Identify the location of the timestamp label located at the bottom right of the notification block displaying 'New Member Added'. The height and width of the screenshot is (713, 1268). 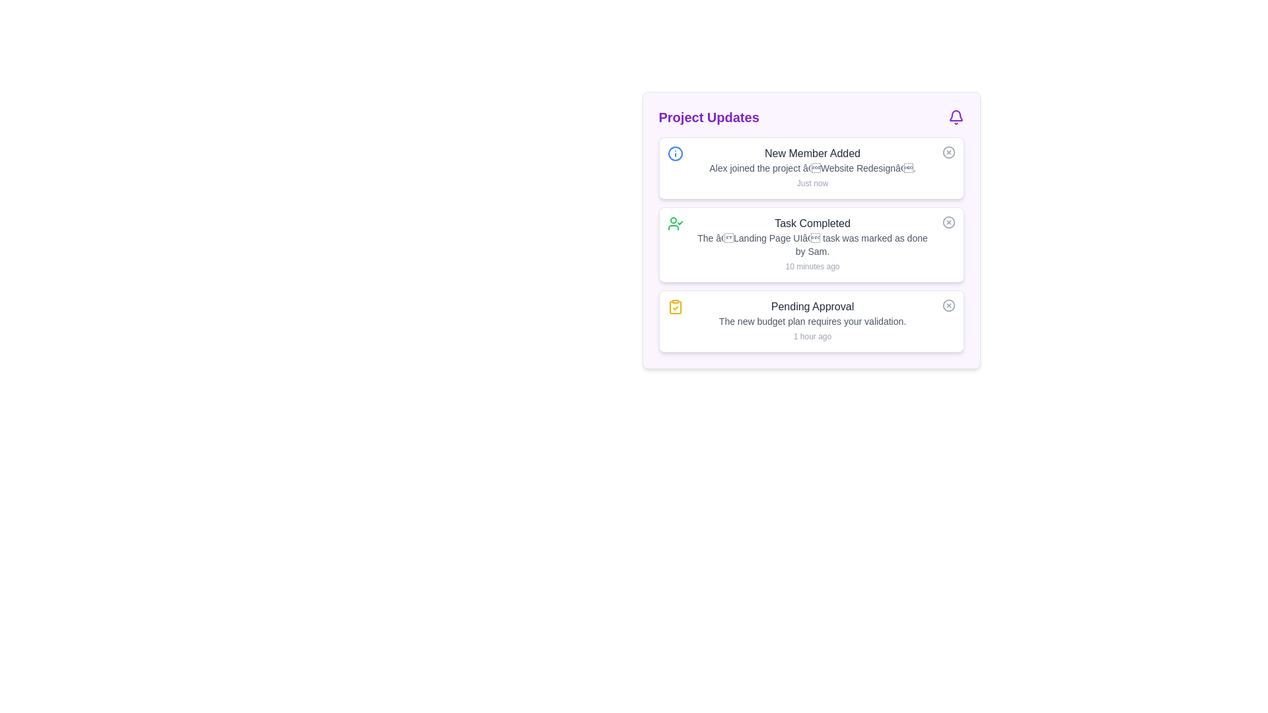
(812, 183).